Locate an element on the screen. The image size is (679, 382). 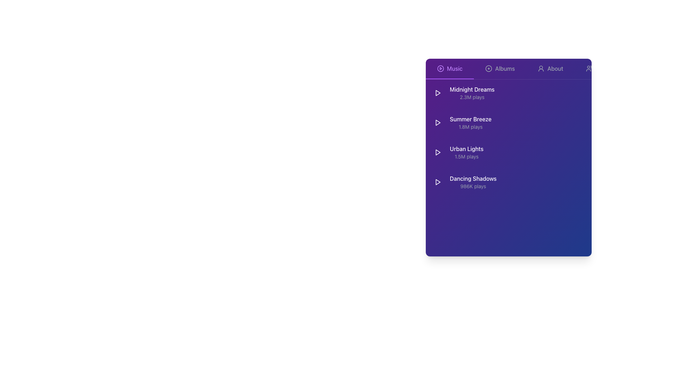
the navigation bar is located at coordinates (508, 69).